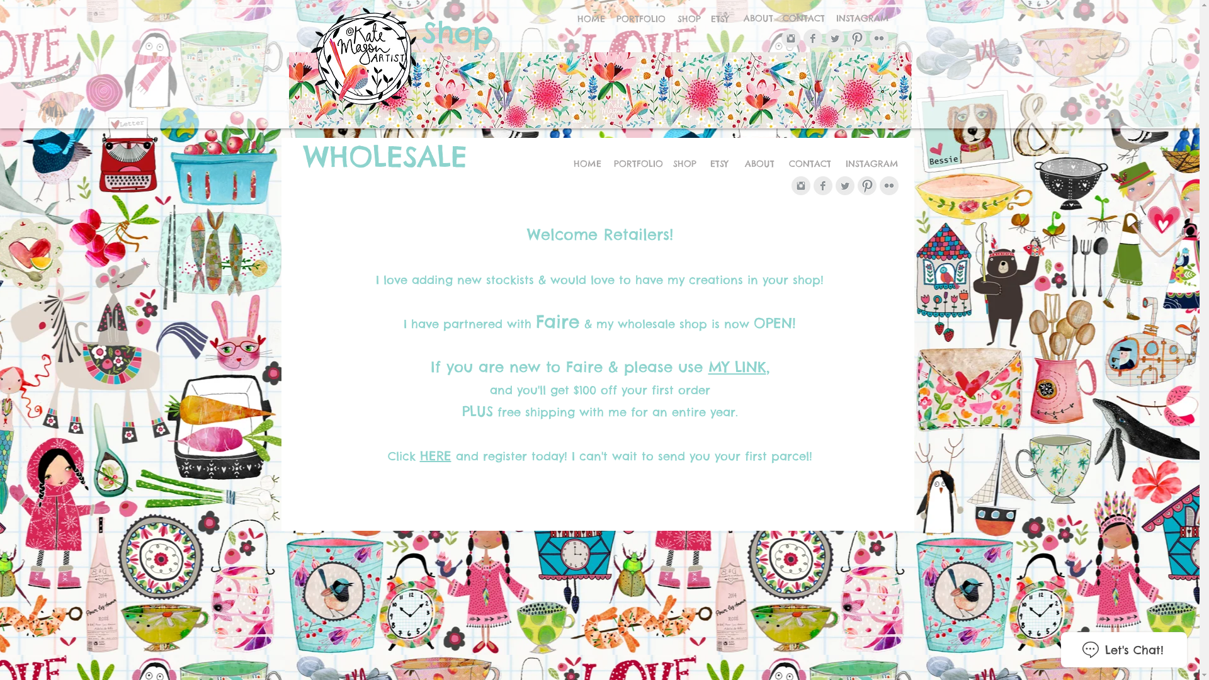  What do you see at coordinates (591, 19) in the screenshot?
I see `'HOME'` at bounding box center [591, 19].